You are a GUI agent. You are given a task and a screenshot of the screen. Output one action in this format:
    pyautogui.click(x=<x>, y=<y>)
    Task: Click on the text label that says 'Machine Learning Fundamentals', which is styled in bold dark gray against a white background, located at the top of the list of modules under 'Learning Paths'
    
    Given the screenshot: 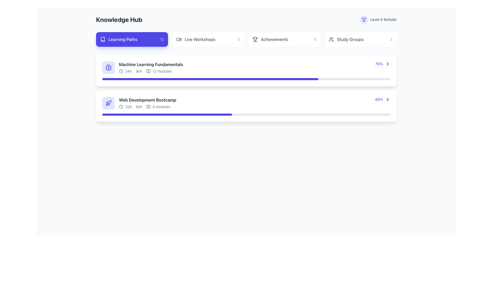 What is the action you would take?
    pyautogui.click(x=151, y=64)
    